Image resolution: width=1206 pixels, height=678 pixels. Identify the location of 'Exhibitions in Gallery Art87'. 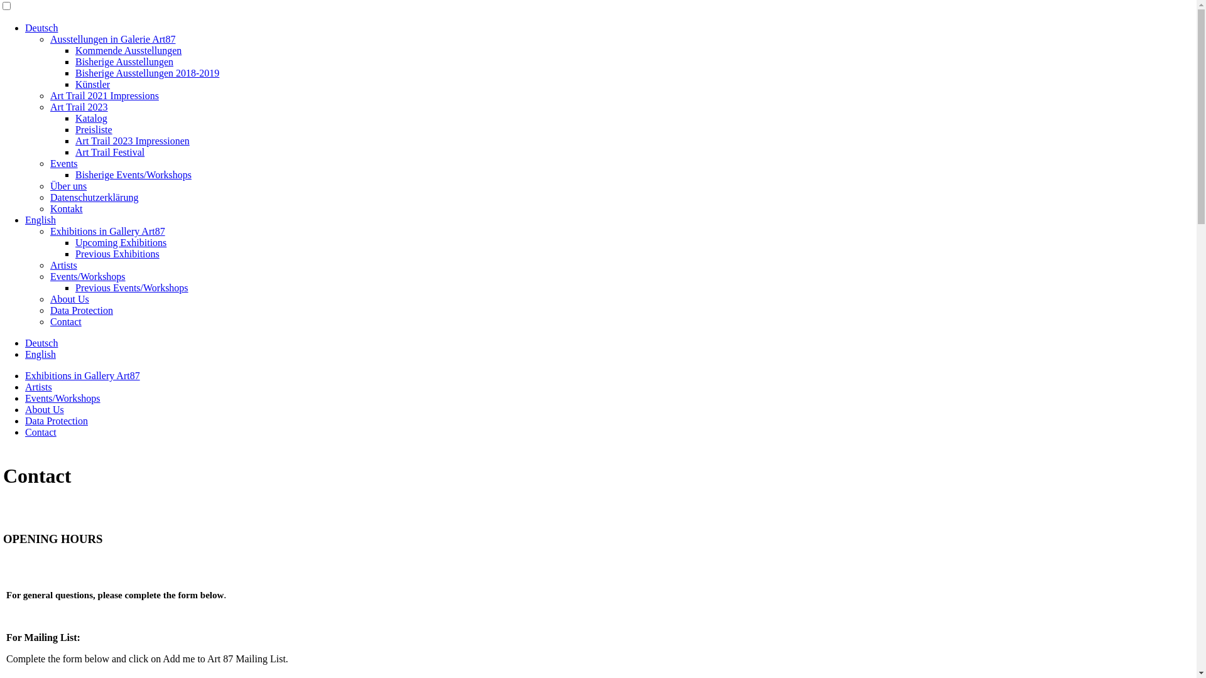
(107, 231).